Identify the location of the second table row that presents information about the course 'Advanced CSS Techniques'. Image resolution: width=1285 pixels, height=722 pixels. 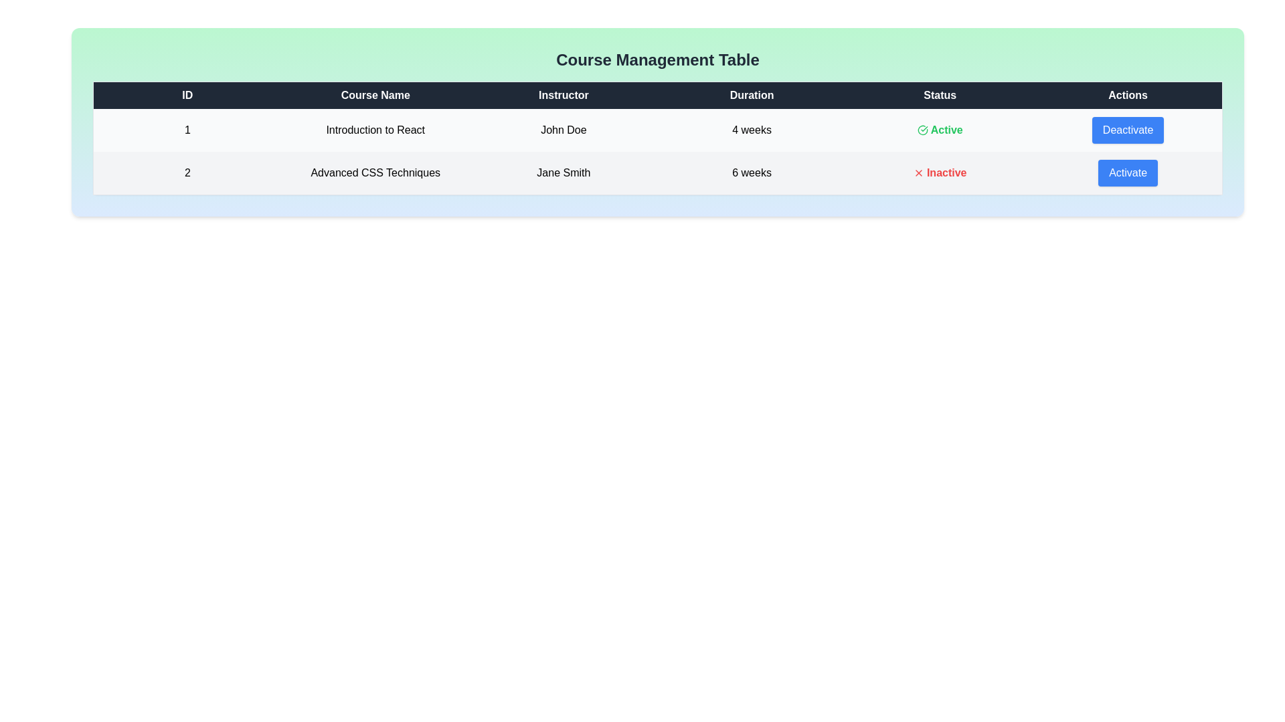
(658, 172).